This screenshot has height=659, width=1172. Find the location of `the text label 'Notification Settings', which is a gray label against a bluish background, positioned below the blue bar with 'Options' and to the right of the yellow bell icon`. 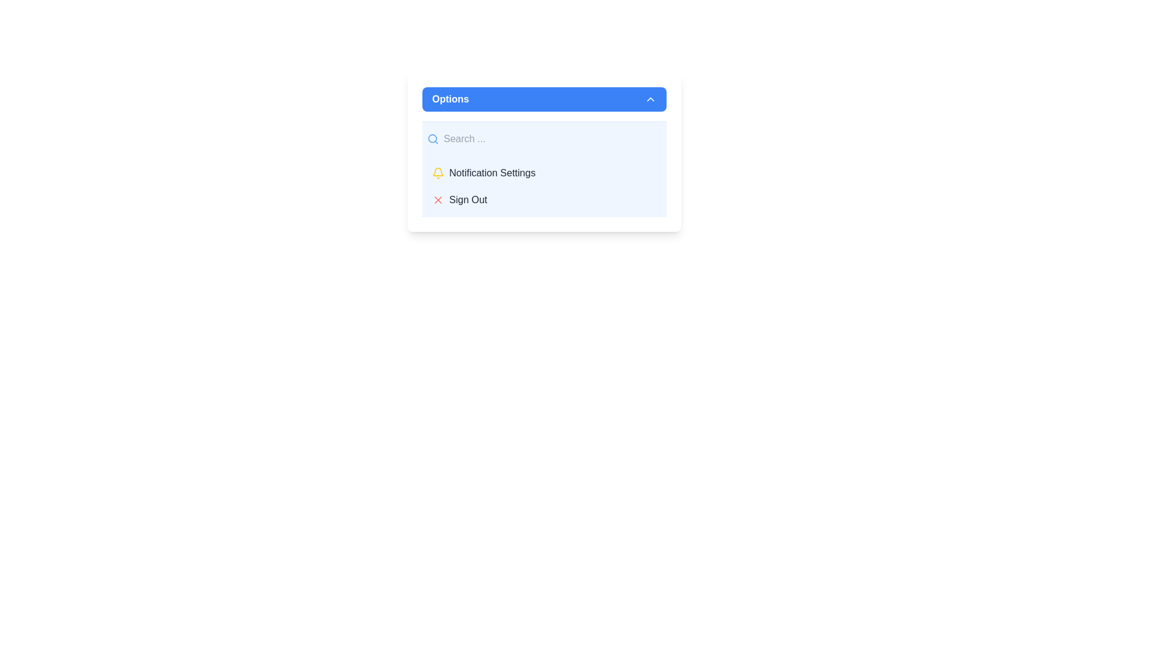

the text label 'Notification Settings', which is a gray label against a bluish background, positioned below the blue bar with 'Options' and to the right of the yellow bell icon is located at coordinates (492, 173).